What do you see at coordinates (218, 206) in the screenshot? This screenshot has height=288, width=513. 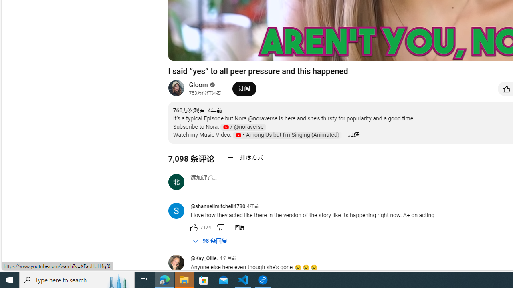 I see `'@shanneilmitchell4780'` at bounding box center [218, 206].